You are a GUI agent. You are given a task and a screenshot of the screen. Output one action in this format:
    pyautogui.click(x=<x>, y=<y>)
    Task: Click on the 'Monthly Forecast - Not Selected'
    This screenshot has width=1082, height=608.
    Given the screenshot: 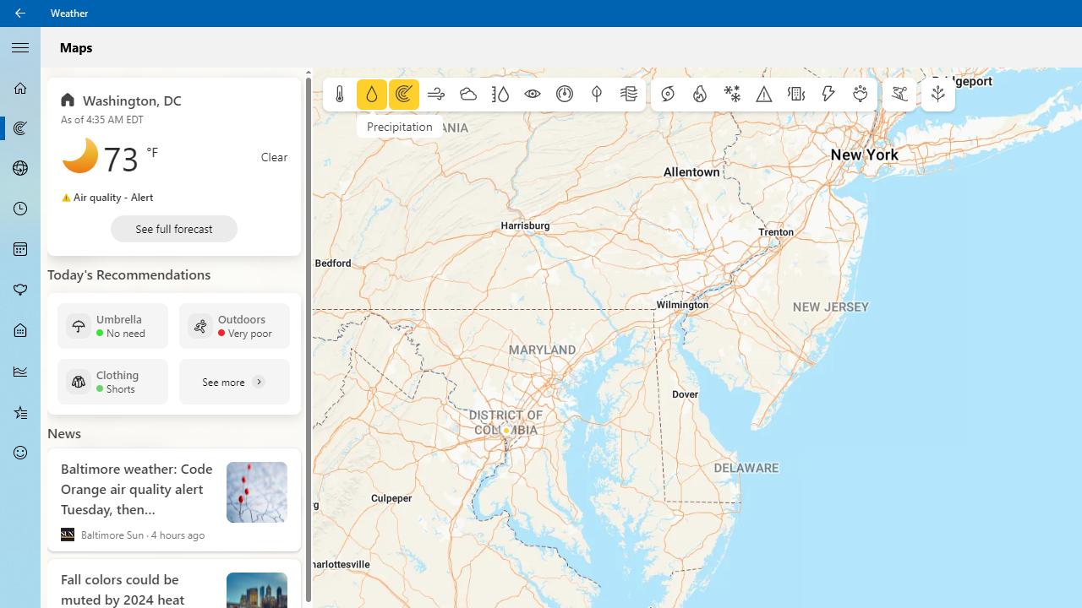 What is the action you would take?
    pyautogui.click(x=20, y=249)
    